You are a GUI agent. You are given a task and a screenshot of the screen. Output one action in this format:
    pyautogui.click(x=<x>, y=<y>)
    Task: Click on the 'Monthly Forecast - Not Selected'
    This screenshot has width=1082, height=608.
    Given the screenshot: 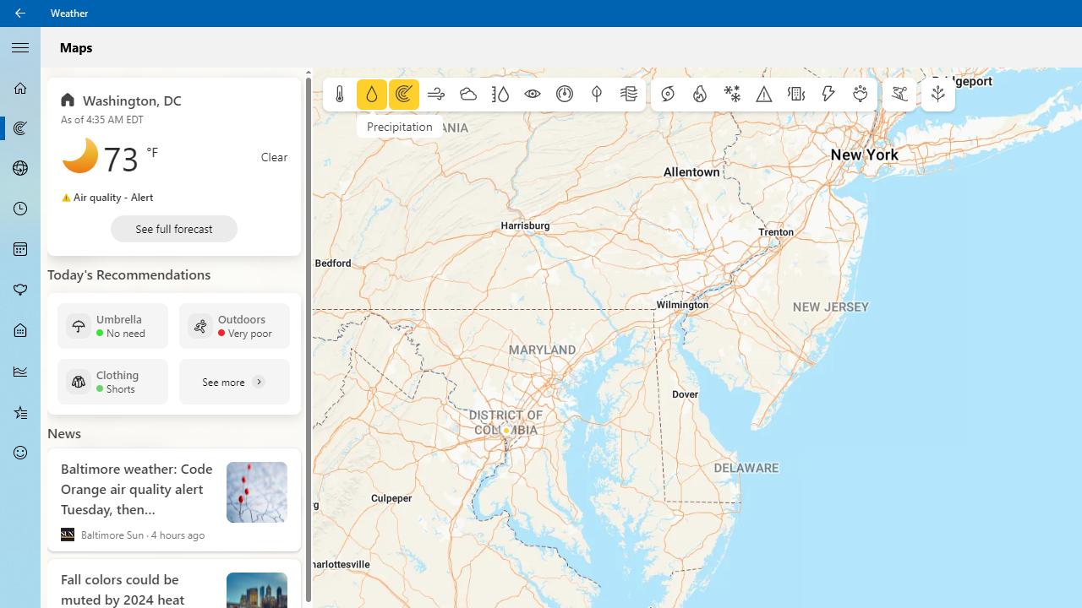 What is the action you would take?
    pyautogui.click(x=20, y=249)
    